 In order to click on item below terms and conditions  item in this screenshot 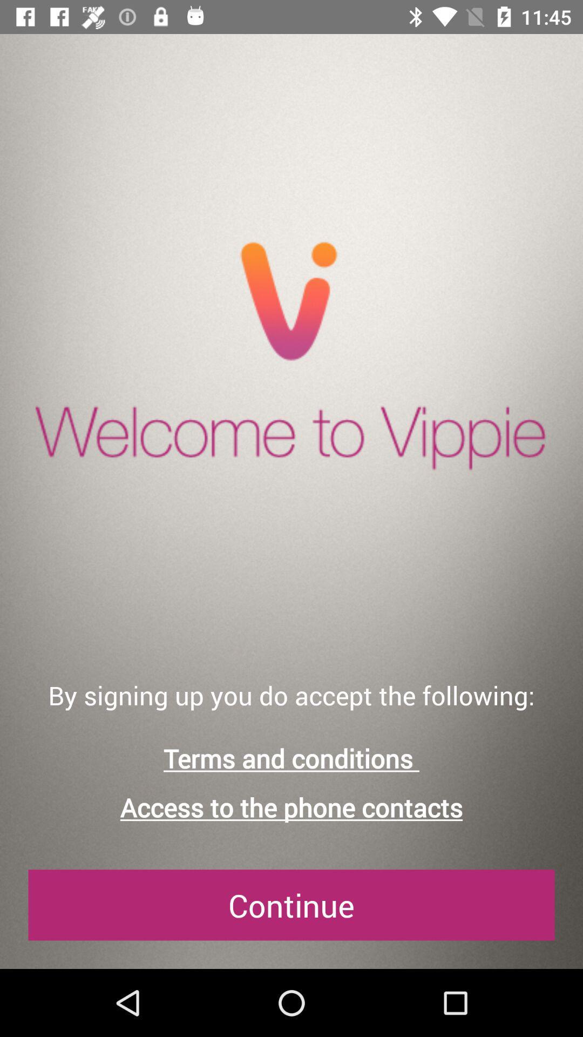, I will do `click(291, 807)`.